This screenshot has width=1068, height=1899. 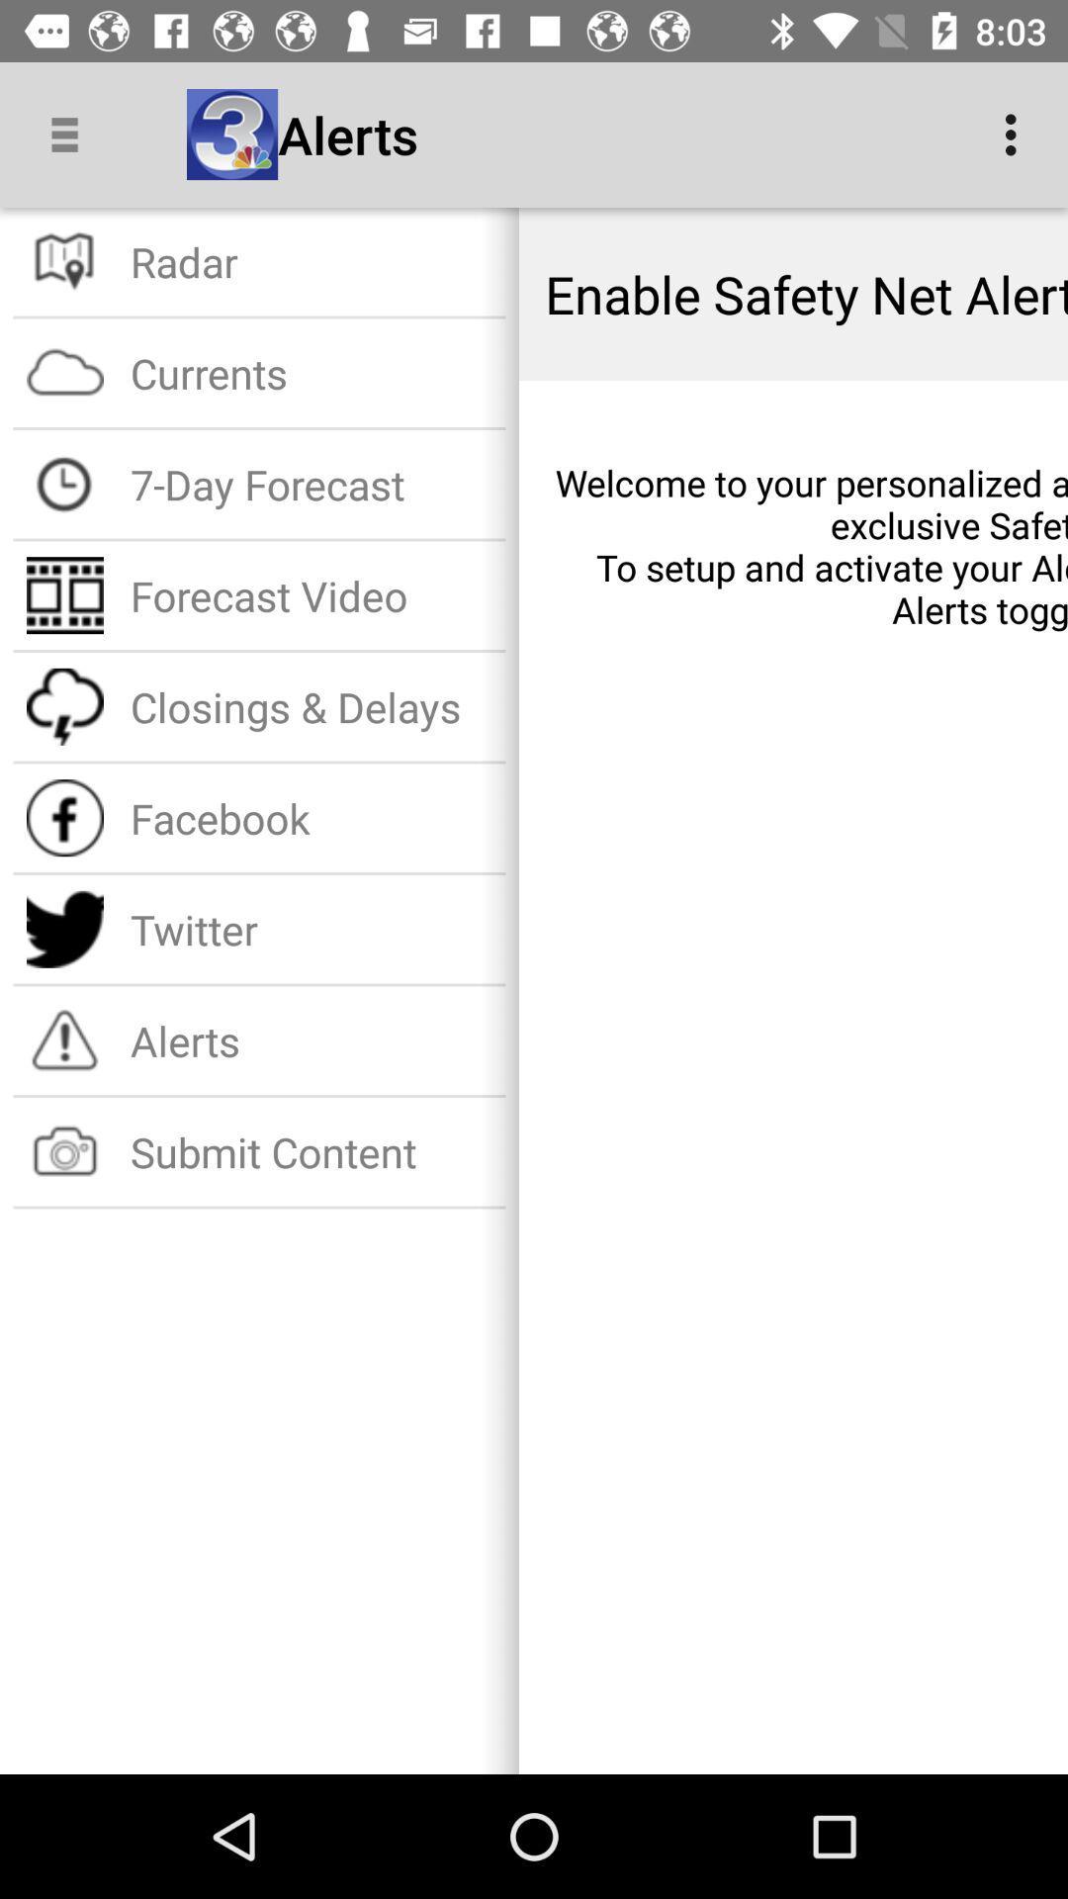 What do you see at coordinates (311, 260) in the screenshot?
I see `the radar item` at bounding box center [311, 260].